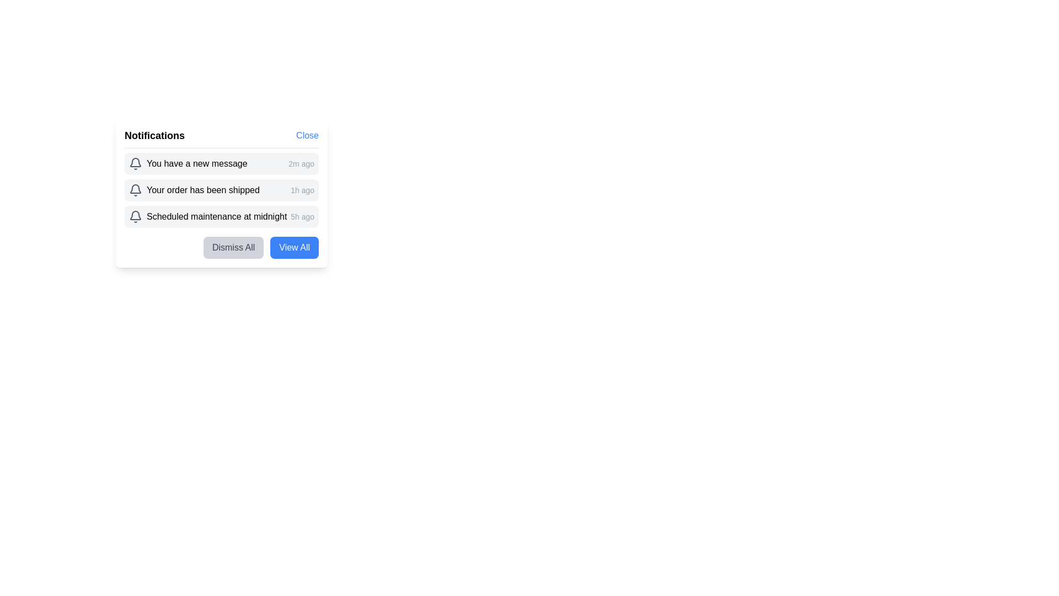  I want to click on the notification icon indicating an alert for 'Scheduled maintenance at midnight', which is the first component in its row and aligned to the left of the text content, so click(135, 217).